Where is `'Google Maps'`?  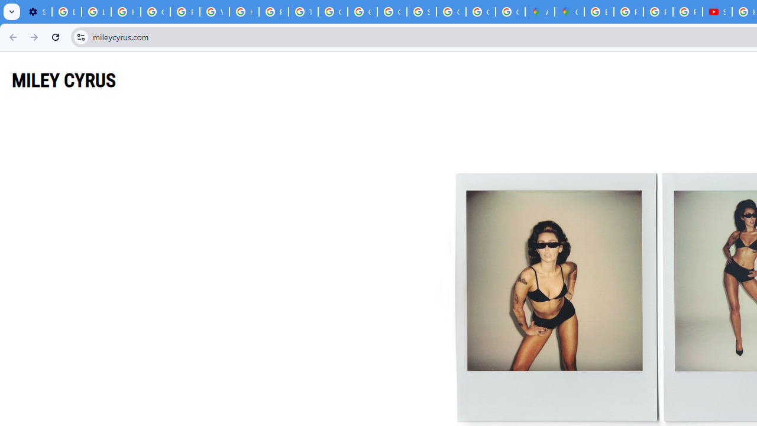
'Google Maps' is located at coordinates (570, 12).